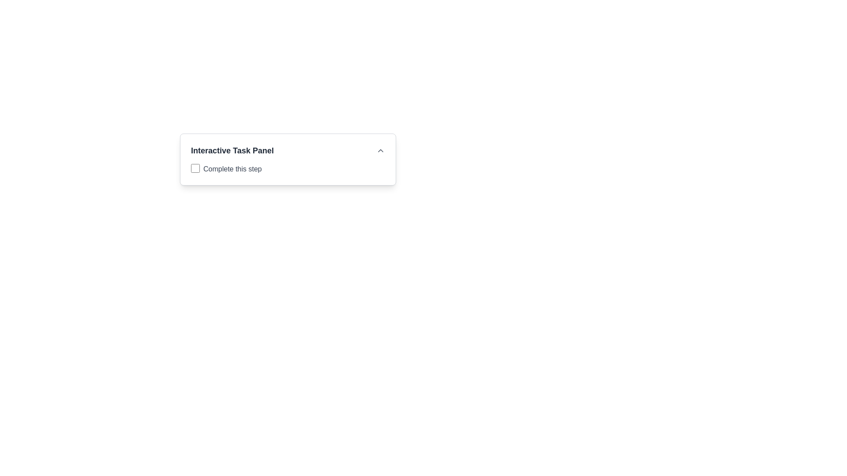  I want to click on the blue styled checkbox with a rounded shape located to the left of the text 'Complete this step', so click(195, 168).